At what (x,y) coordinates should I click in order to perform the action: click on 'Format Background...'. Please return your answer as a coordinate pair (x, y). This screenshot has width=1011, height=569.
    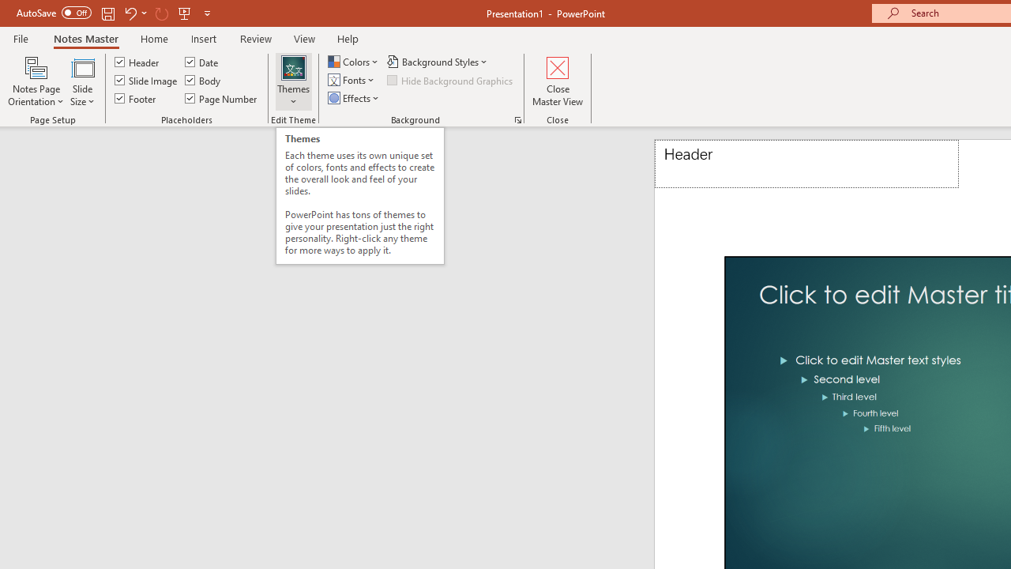
    Looking at the image, I should click on (518, 119).